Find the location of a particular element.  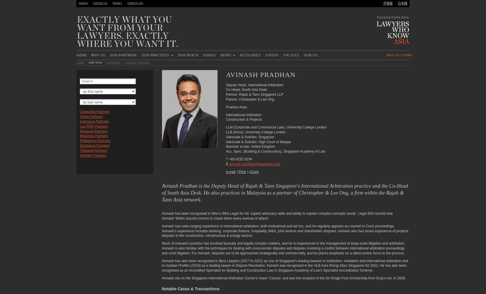

'Partner, Christopher & Lee Ong' is located at coordinates (250, 99).